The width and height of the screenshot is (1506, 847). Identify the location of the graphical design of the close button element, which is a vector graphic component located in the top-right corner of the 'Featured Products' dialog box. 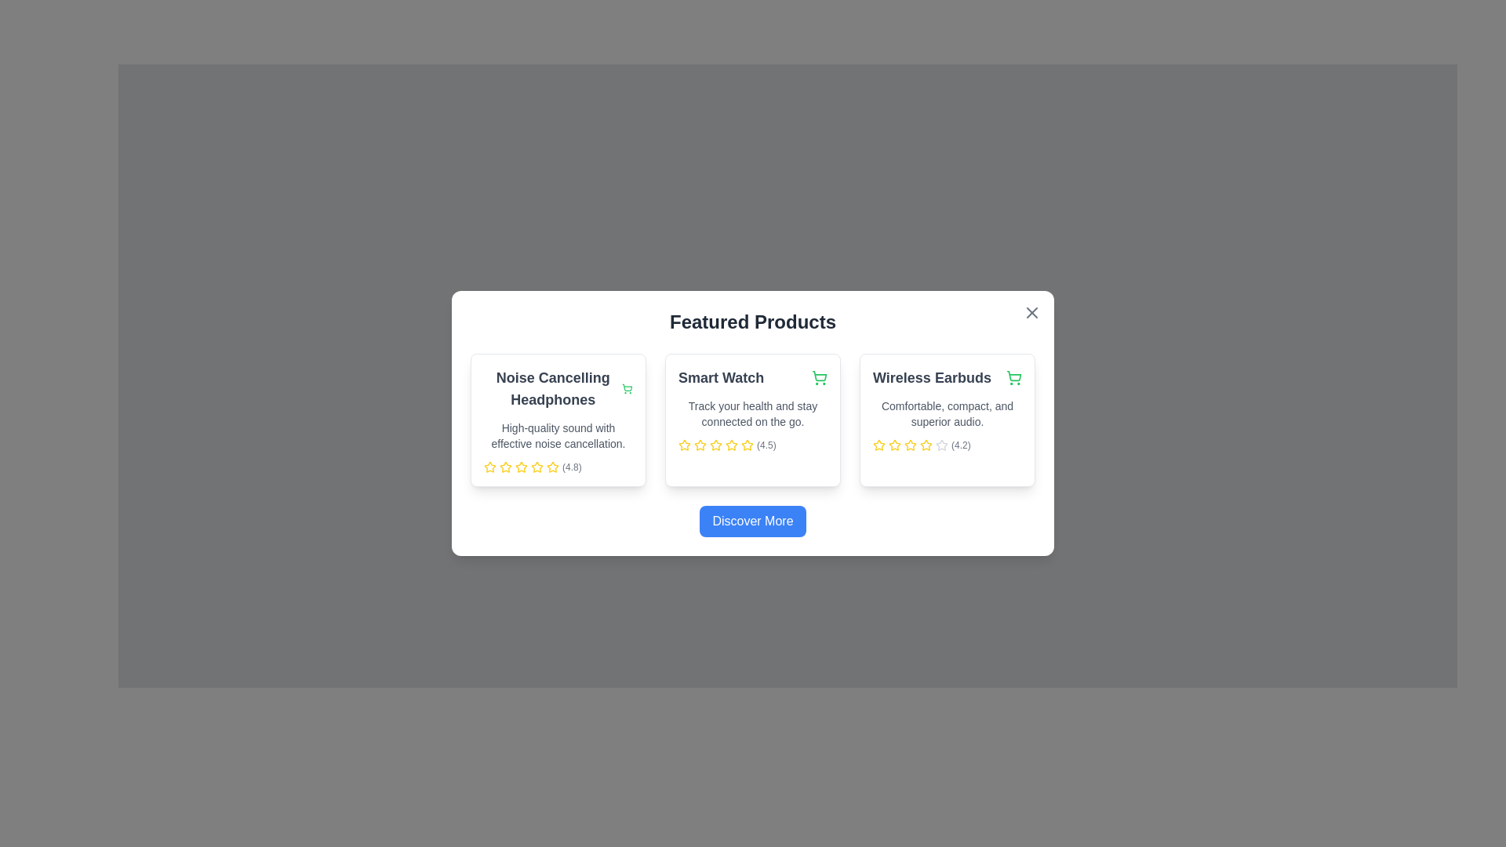
(1031, 312).